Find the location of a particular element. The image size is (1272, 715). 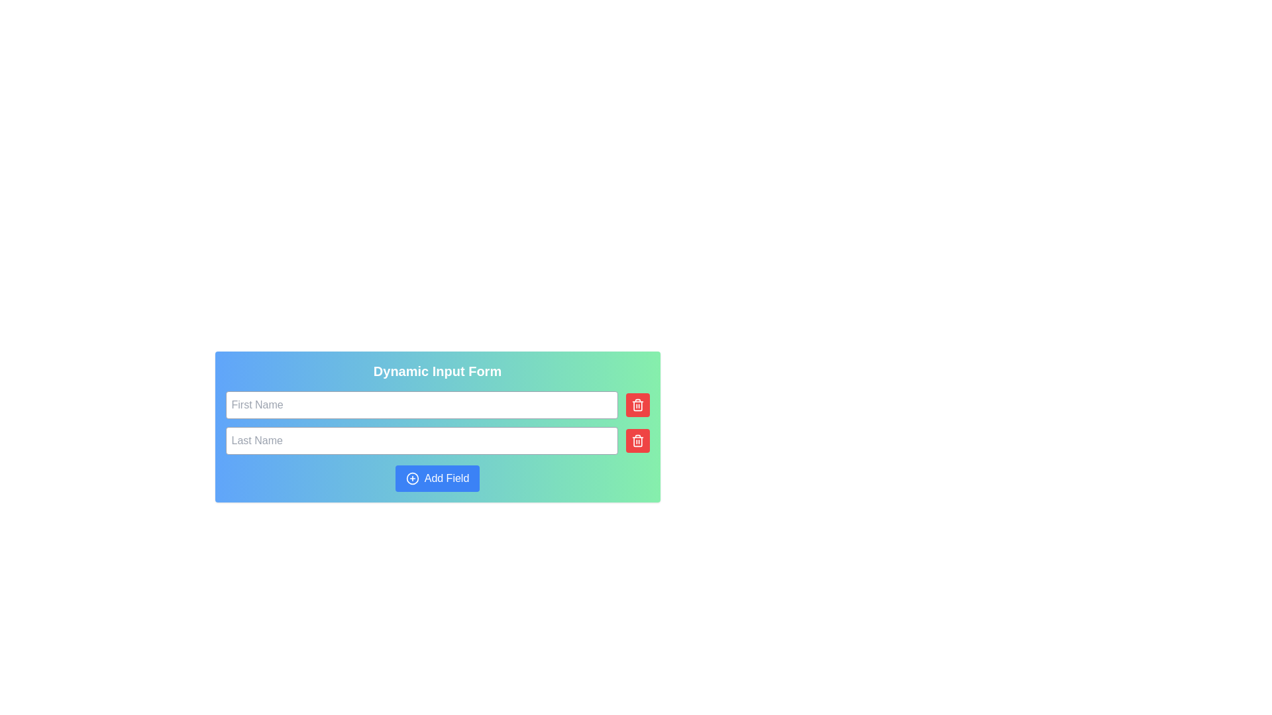

the bold, white text label reading 'Dynamic Input Form' located at the top of the interface, which is centered horizontally and styled on a gradient background transitioning from blue to green is located at coordinates (437, 371).